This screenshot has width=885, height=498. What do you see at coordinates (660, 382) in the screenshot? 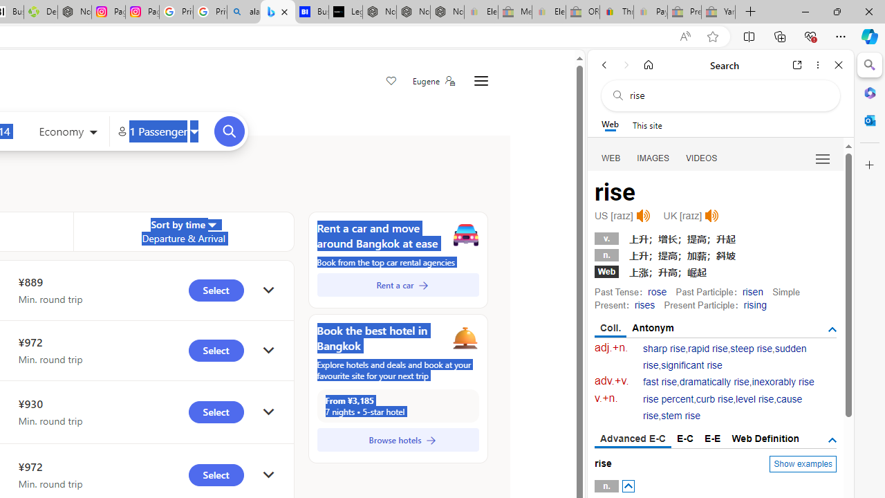
I see `'fast rise'` at bounding box center [660, 382].